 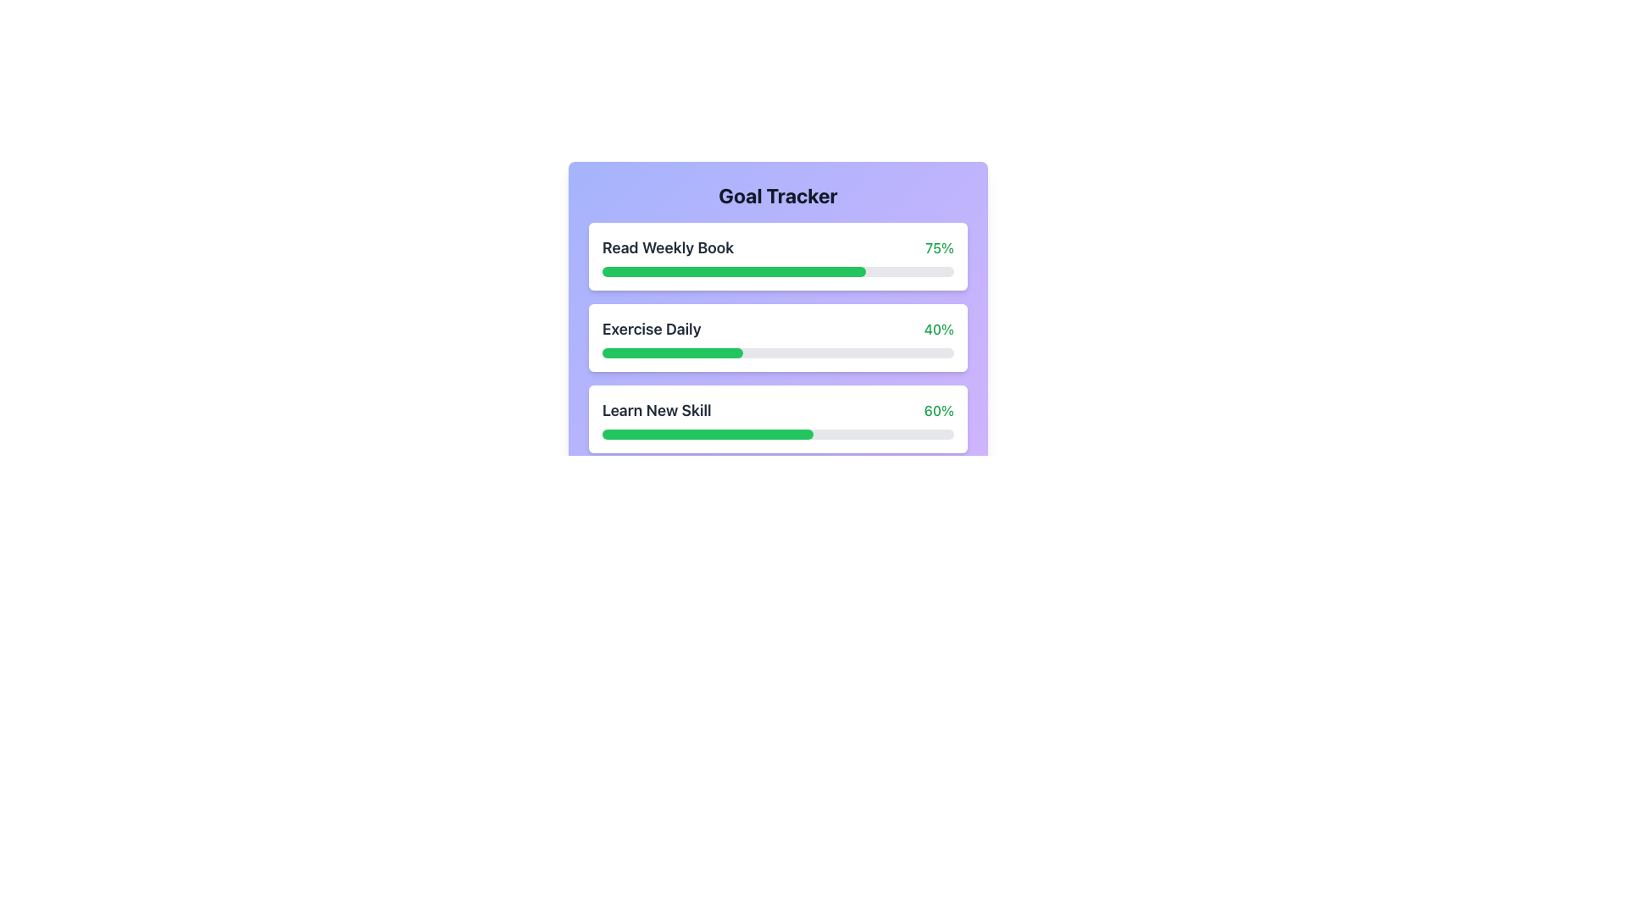 I want to click on the green horizontal progress bar representing 75% progress in the 'Read Weekly Book' tracker, so click(x=734, y=270).